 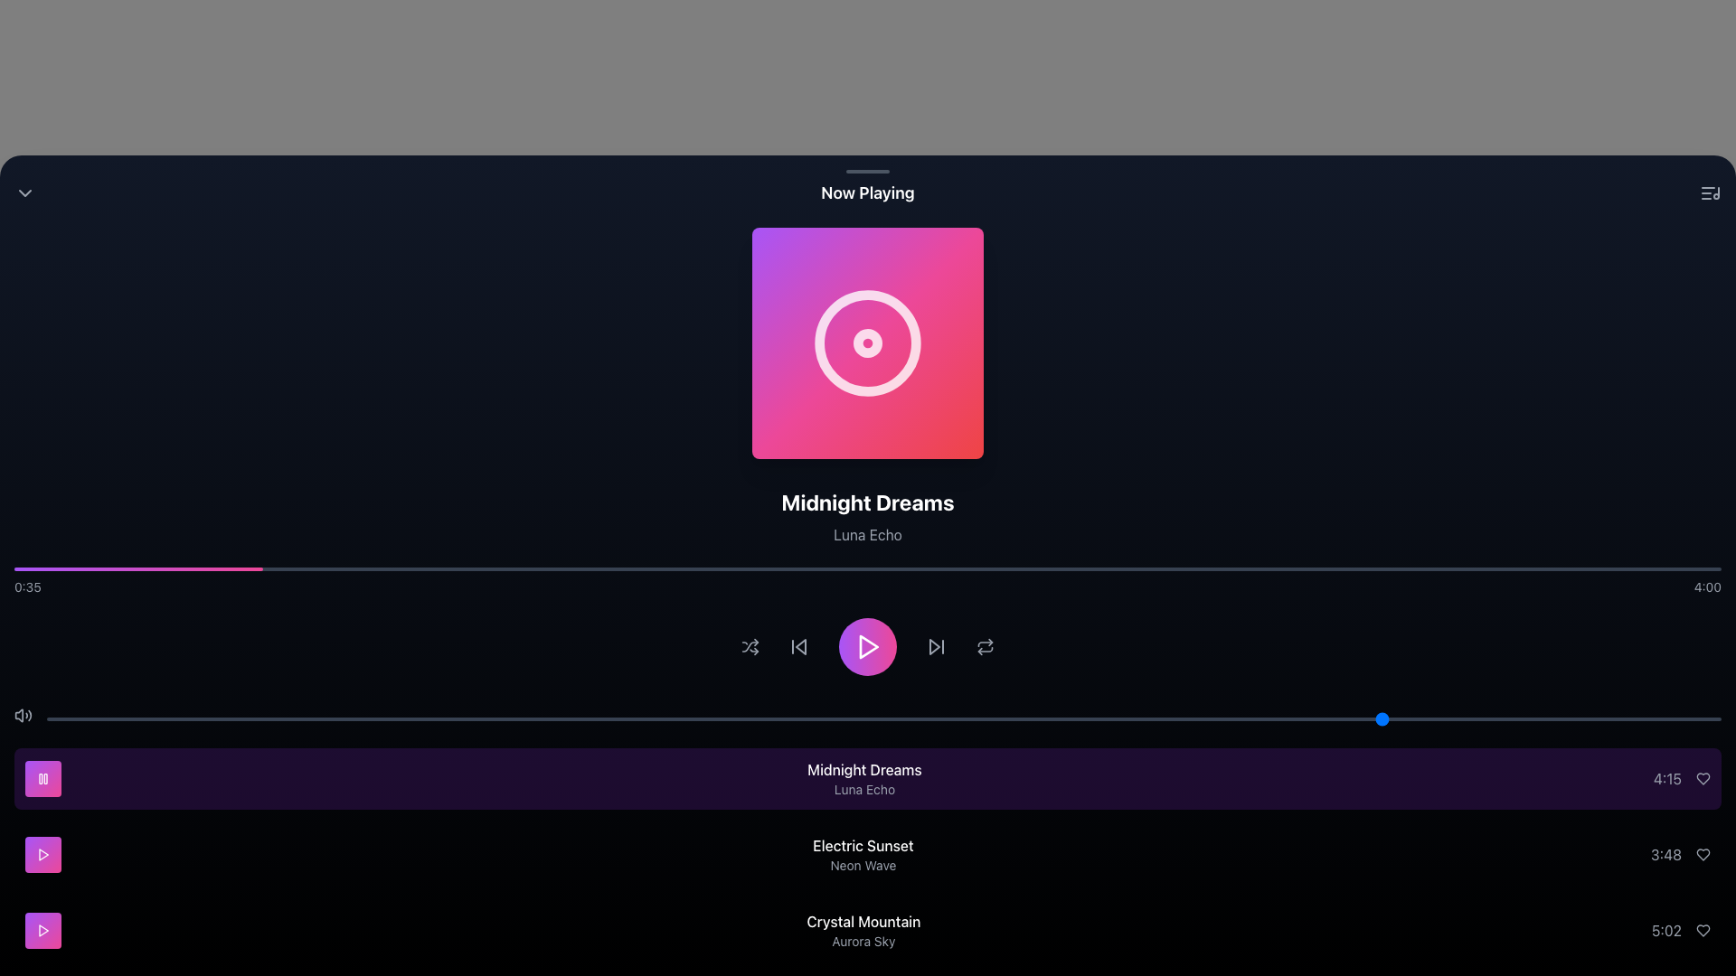 I want to click on the text label that provides supplementary information about the title 'Crystal Mountain', located centrally below the title in the bottom row of the visible list, so click(x=863, y=940).